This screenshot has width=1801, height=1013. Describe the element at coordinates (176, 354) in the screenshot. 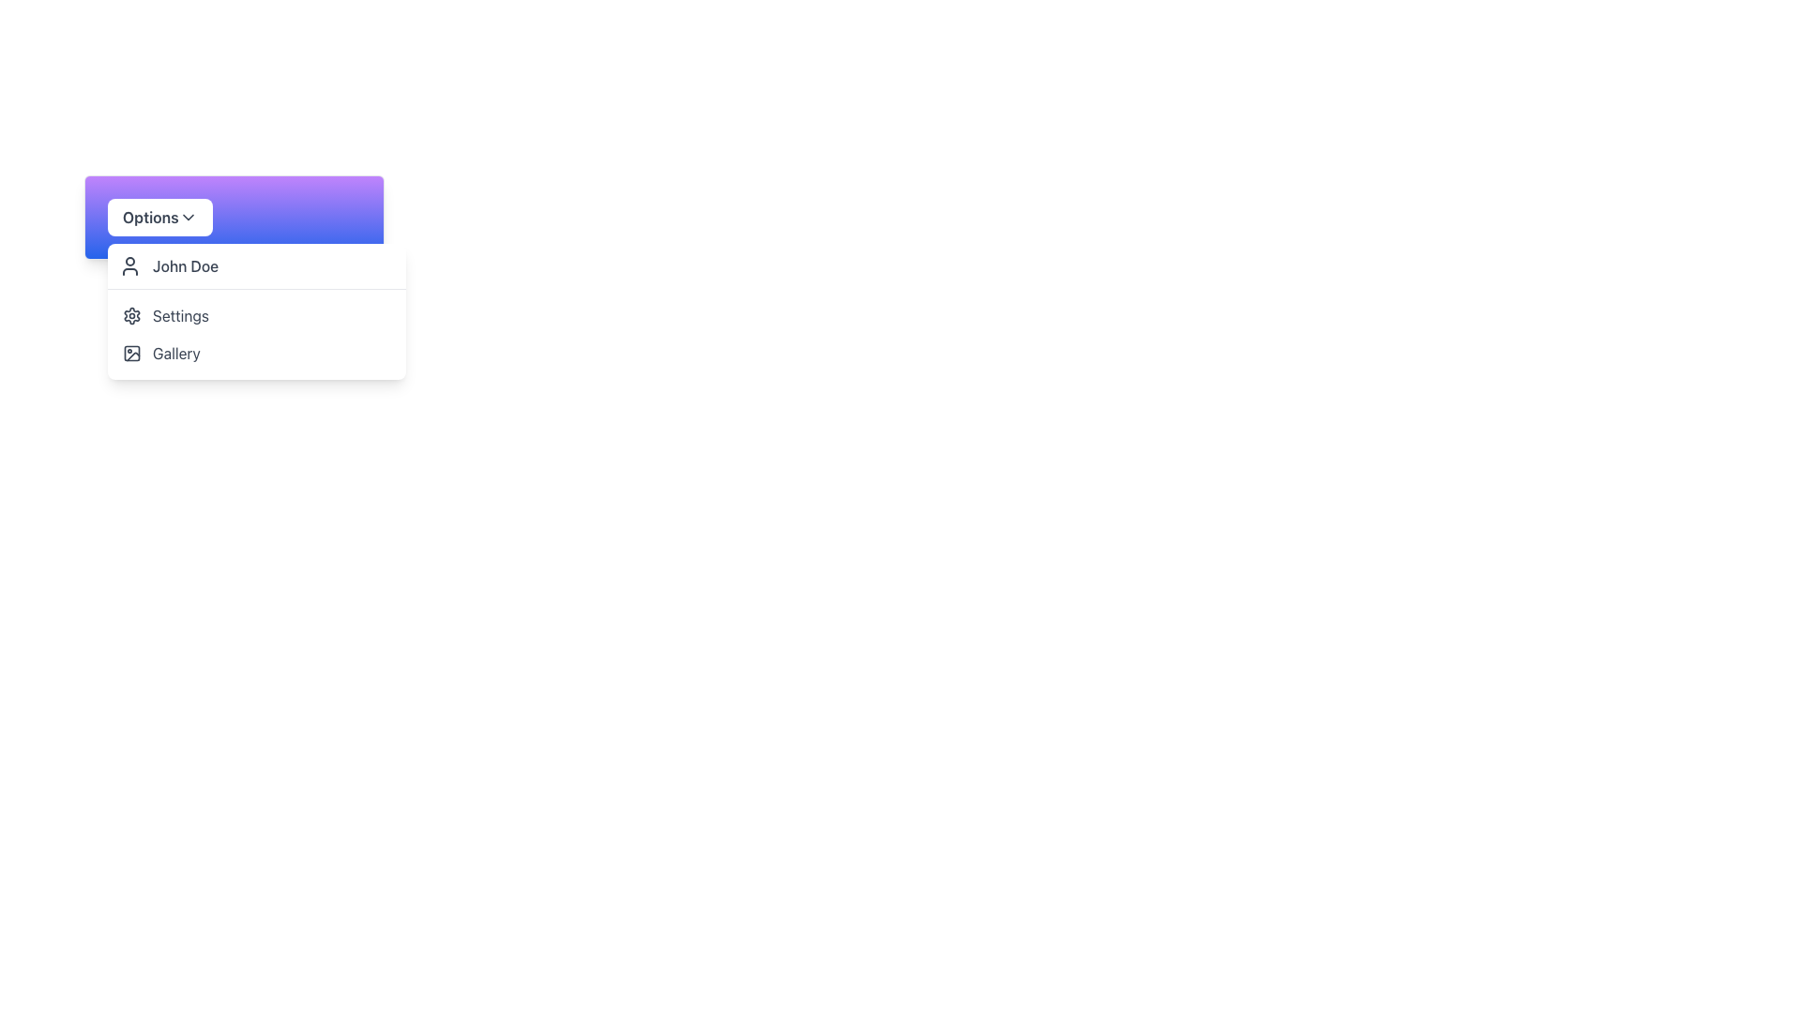

I see `the 'Gallery' text label in the dropdown menu` at that location.